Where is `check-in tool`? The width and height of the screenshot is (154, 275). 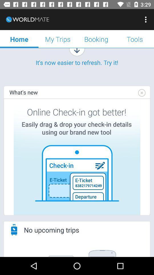 check-in tool is located at coordinates (77, 157).